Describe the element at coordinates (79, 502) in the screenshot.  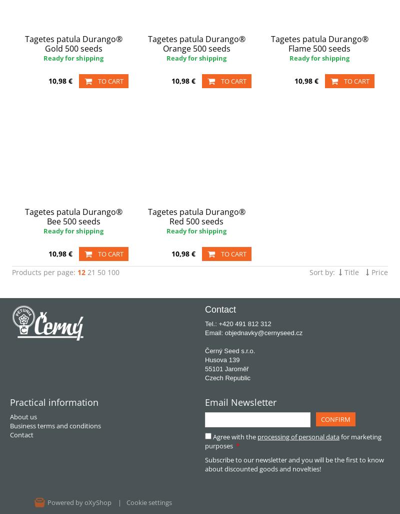
I see `'Powered by oXyShop'` at that location.